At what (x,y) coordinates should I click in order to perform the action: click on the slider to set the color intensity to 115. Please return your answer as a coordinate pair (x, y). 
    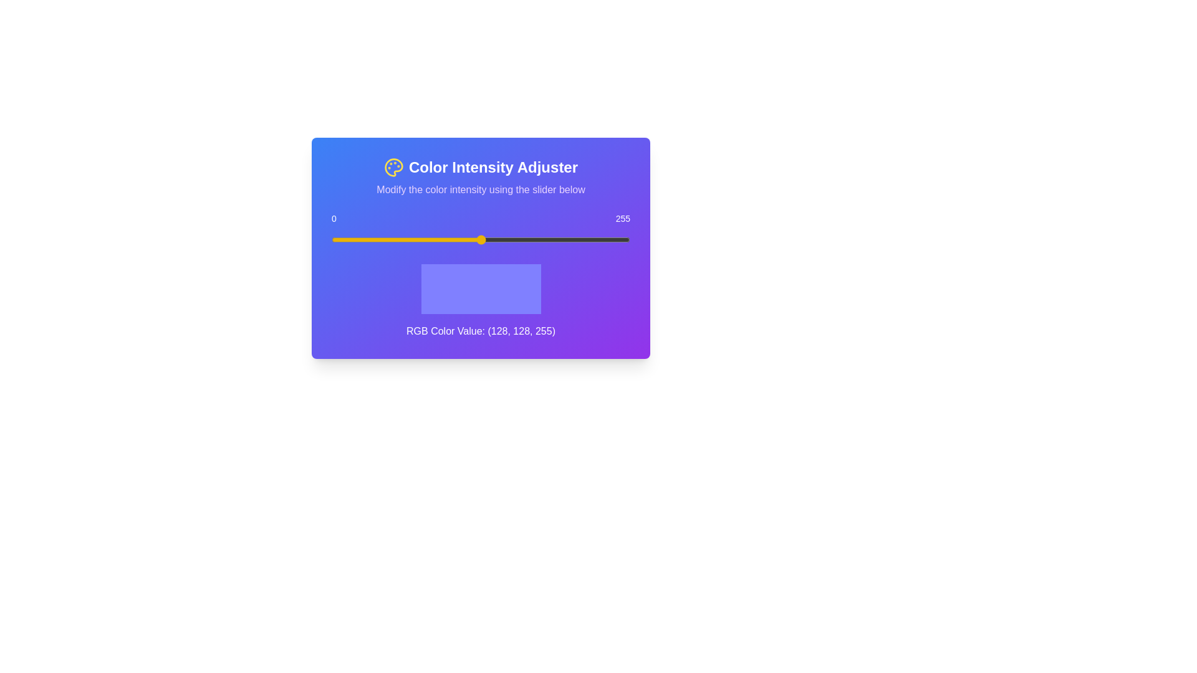
    Looking at the image, I should click on (466, 240).